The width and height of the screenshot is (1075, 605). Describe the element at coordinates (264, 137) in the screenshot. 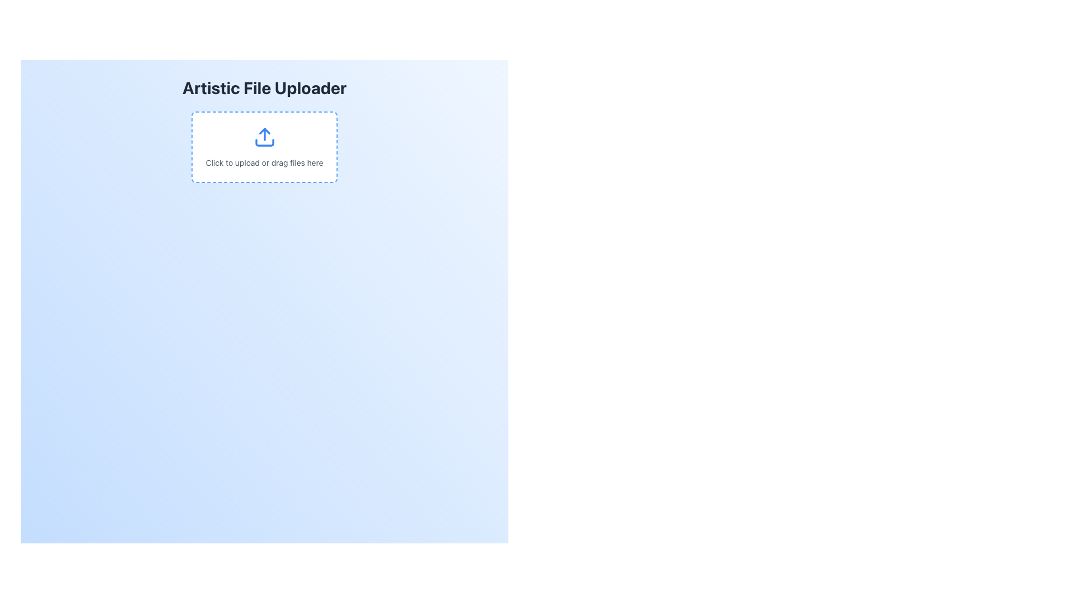

I see `the upload icon, which is a vibrant blue arrow pointing upwards above a horizontal base, located centrally within the drag-and-drop file upload area under the label 'Click to upload or drag files here'` at that location.